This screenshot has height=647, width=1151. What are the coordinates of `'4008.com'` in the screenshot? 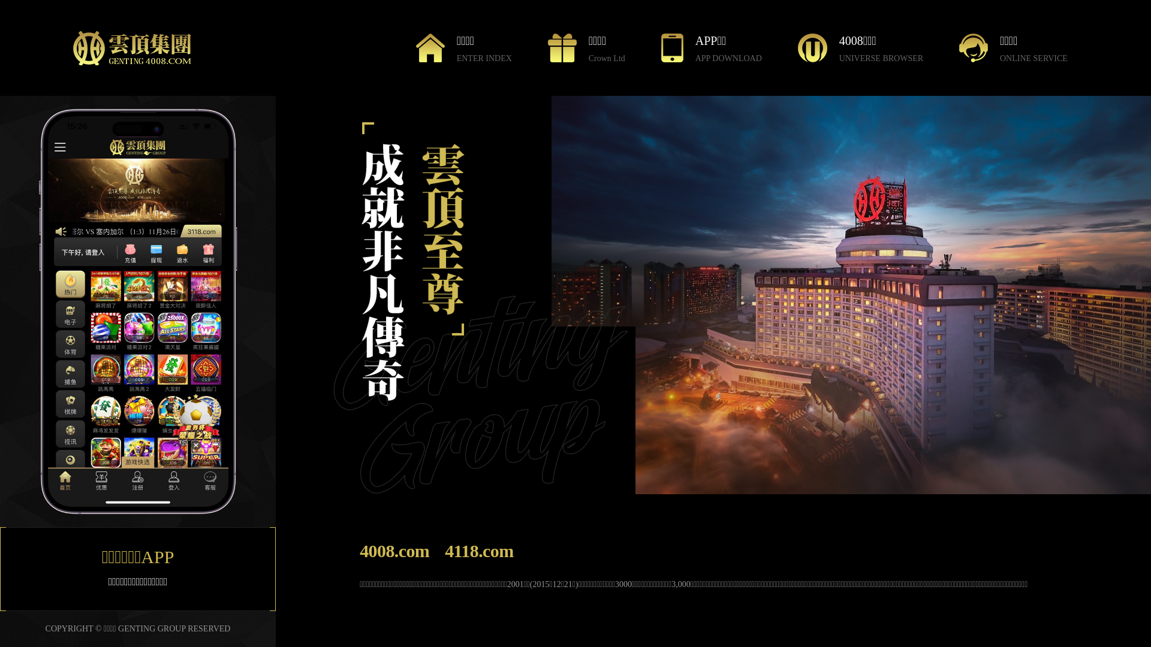 It's located at (394, 551).